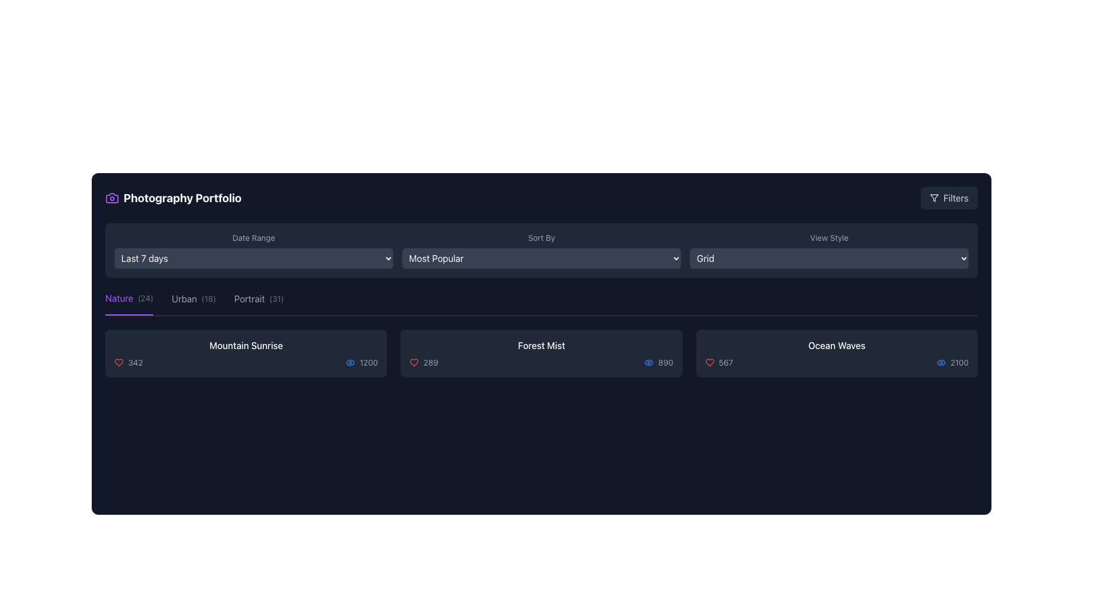 The width and height of the screenshot is (1094, 615). Describe the element at coordinates (934, 197) in the screenshot. I see `the filtering icon located at the top-right corner of the interface, adjacent to the 'Filters' label` at that location.